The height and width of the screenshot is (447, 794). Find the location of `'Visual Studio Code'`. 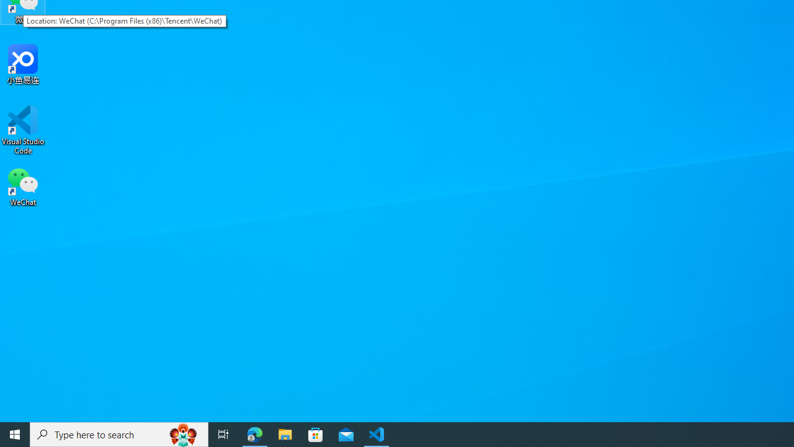

'Visual Studio Code' is located at coordinates (23, 130).